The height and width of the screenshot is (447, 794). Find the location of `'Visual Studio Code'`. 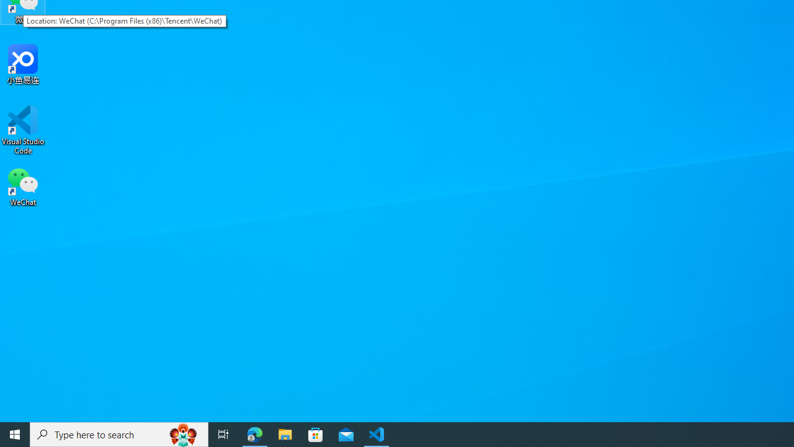

'Visual Studio Code' is located at coordinates (23, 130).